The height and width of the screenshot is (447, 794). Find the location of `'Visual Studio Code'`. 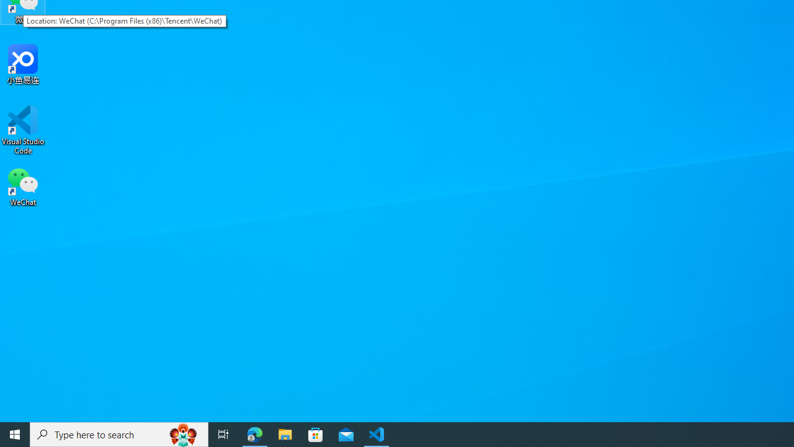

'Visual Studio Code' is located at coordinates (23, 130).